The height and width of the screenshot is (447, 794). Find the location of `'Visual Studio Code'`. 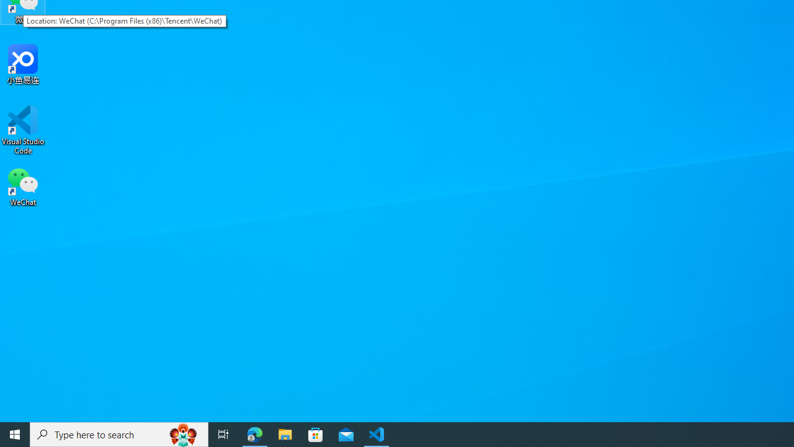

'Visual Studio Code' is located at coordinates (23, 130).